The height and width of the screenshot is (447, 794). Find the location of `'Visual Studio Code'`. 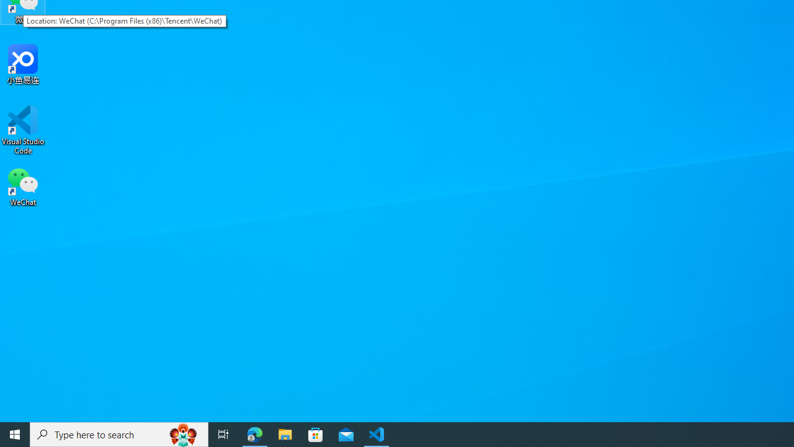

'Visual Studio Code' is located at coordinates (23, 130).